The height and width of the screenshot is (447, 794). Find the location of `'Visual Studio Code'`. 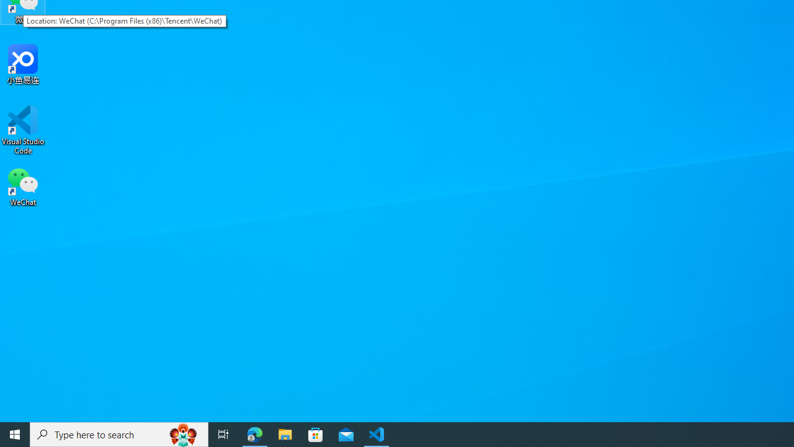

'Visual Studio Code' is located at coordinates (23, 130).